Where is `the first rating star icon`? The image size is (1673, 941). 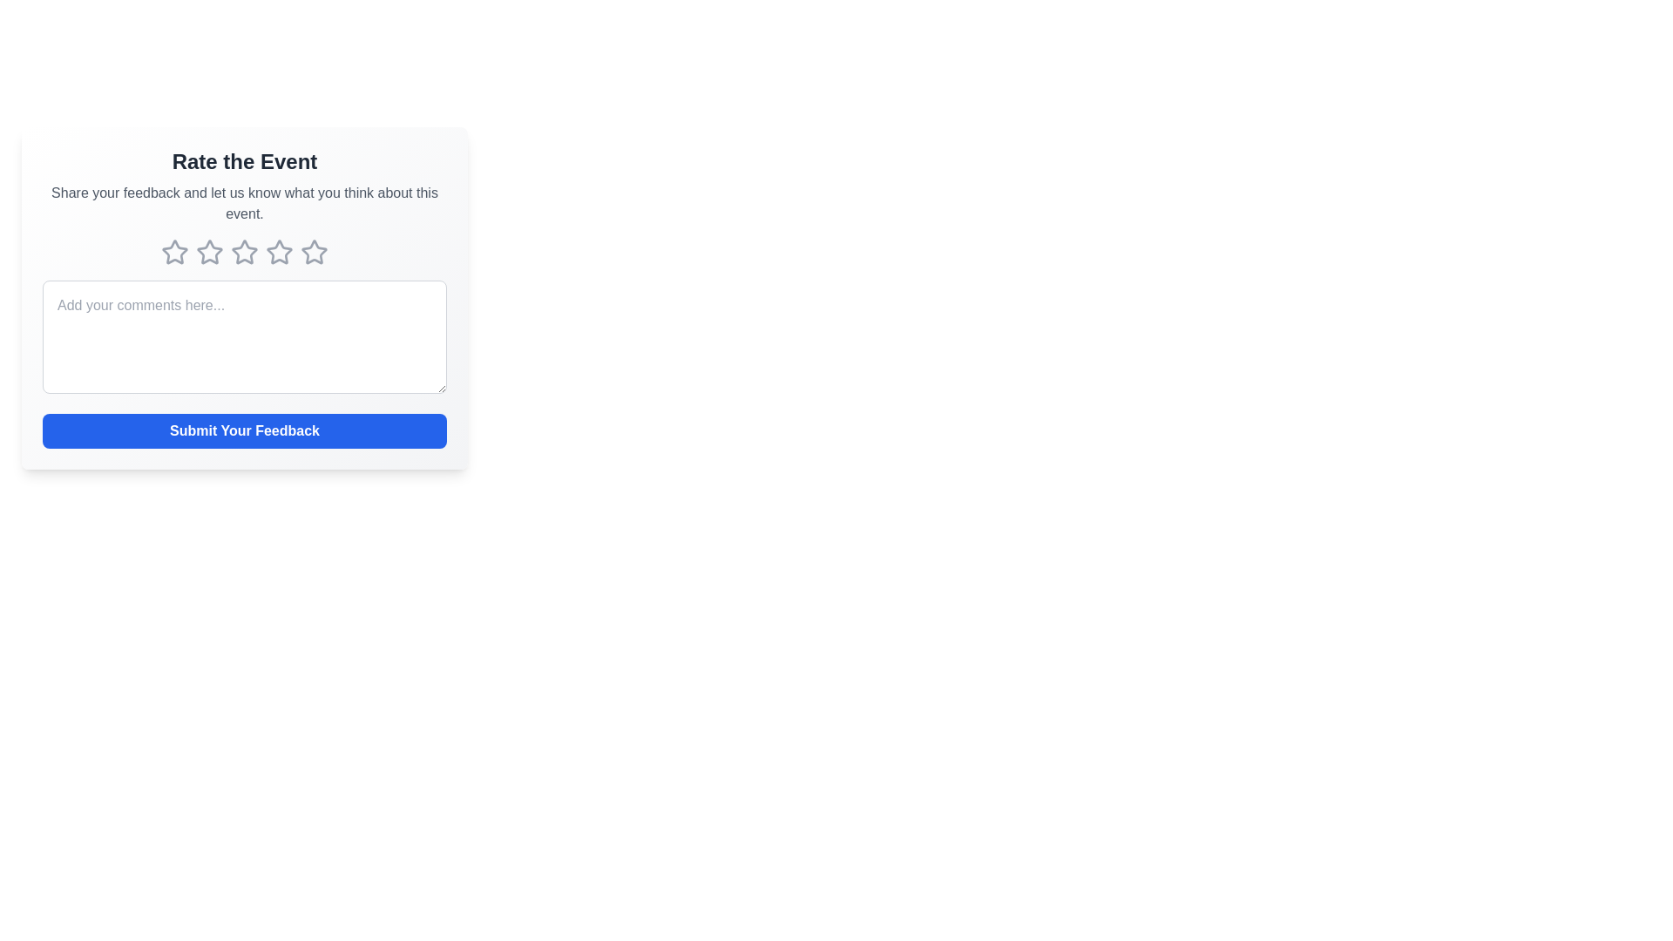 the first rating star icon is located at coordinates (175, 252).